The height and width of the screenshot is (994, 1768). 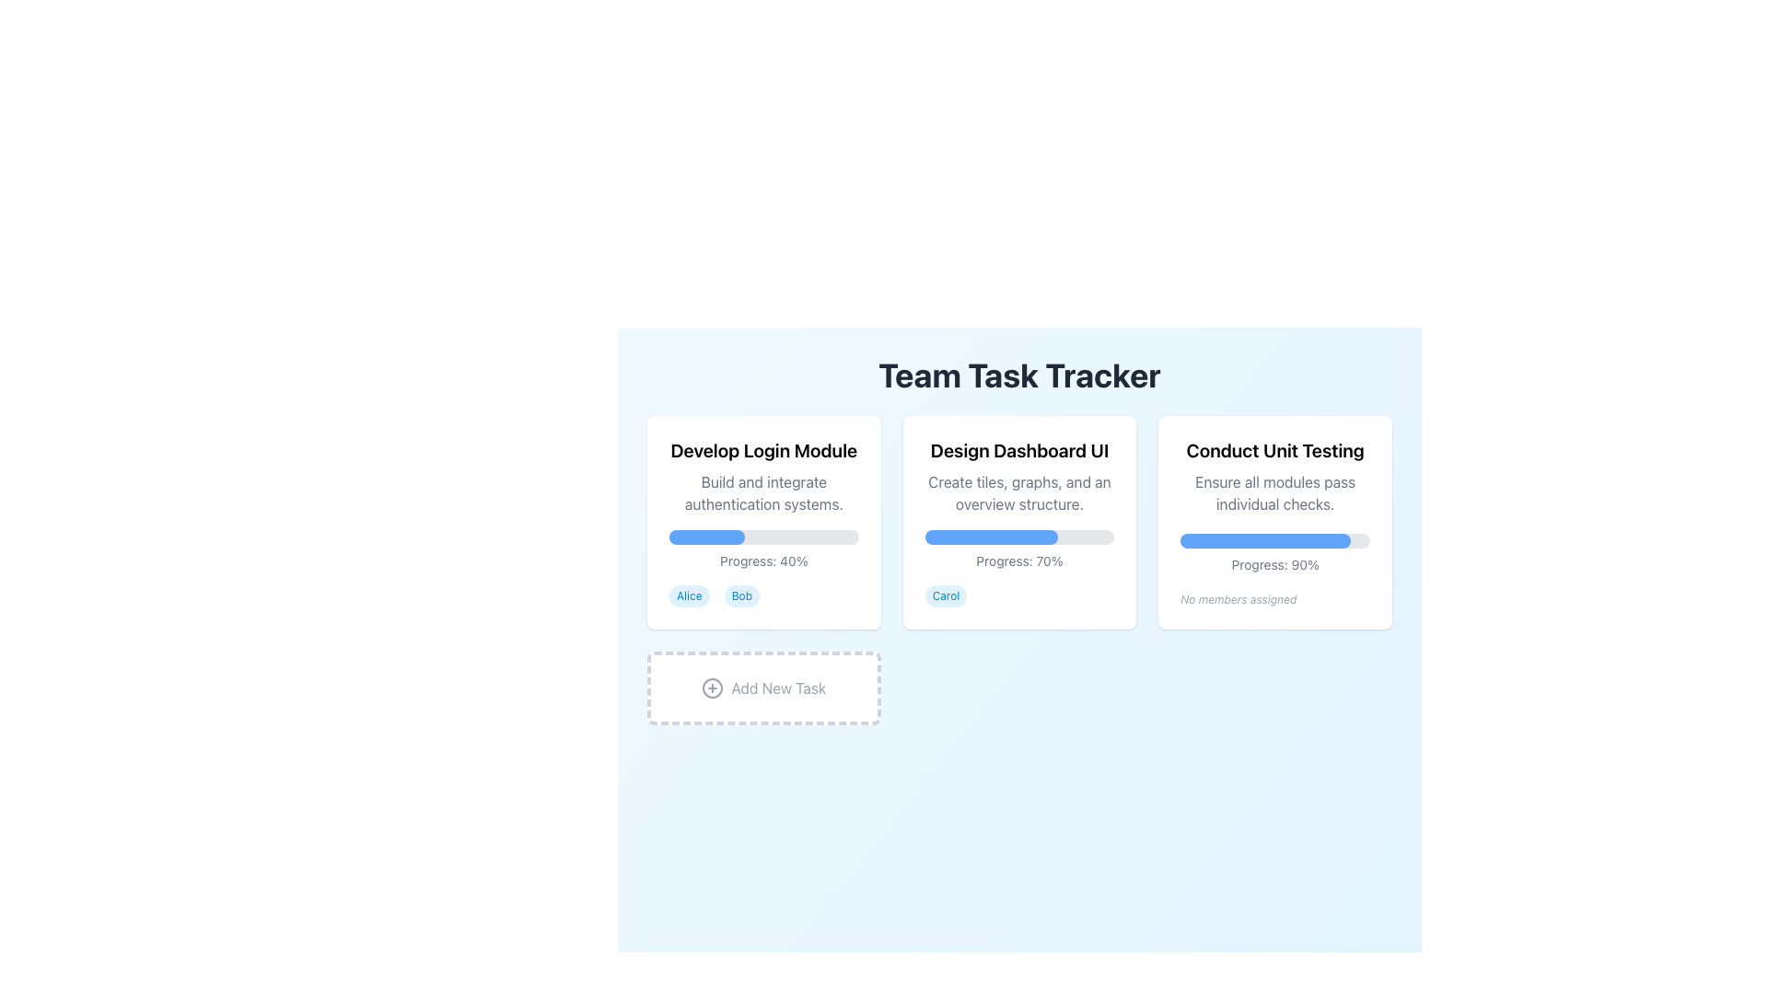 What do you see at coordinates (1018, 537) in the screenshot?
I see `the progress bar indicating 70% completion in the 'Design Dashboard UI' card, located below the descriptive text and above the 'Progress: 70%' label` at bounding box center [1018, 537].